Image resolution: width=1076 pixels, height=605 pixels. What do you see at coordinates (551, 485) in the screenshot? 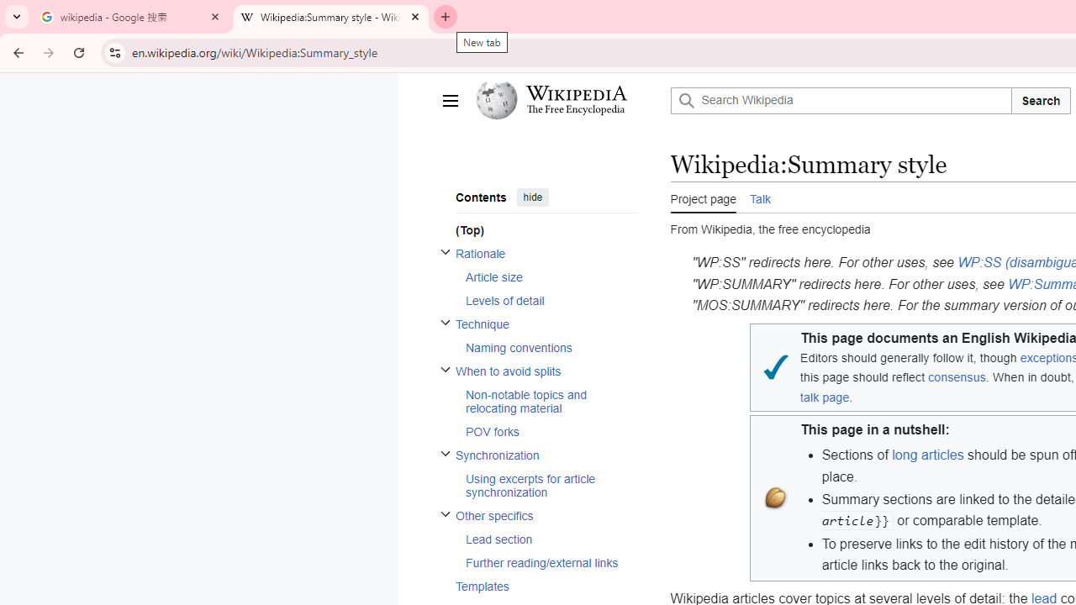
I see `'Using excerpts for article synchronization'` at bounding box center [551, 485].